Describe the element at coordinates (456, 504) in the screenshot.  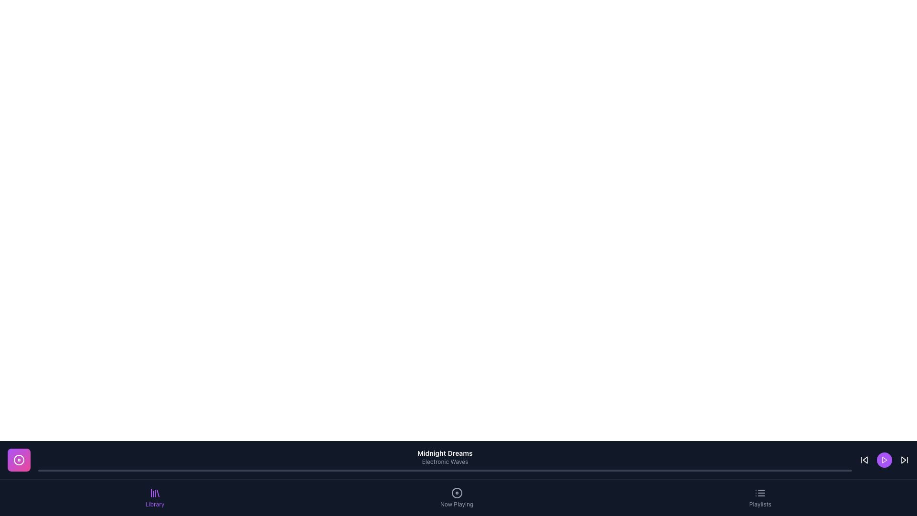
I see `the static label displaying 'Now Playing' which is styled in gray color and positioned beneath a circular graphical icon in the bottom navigation bar` at that location.